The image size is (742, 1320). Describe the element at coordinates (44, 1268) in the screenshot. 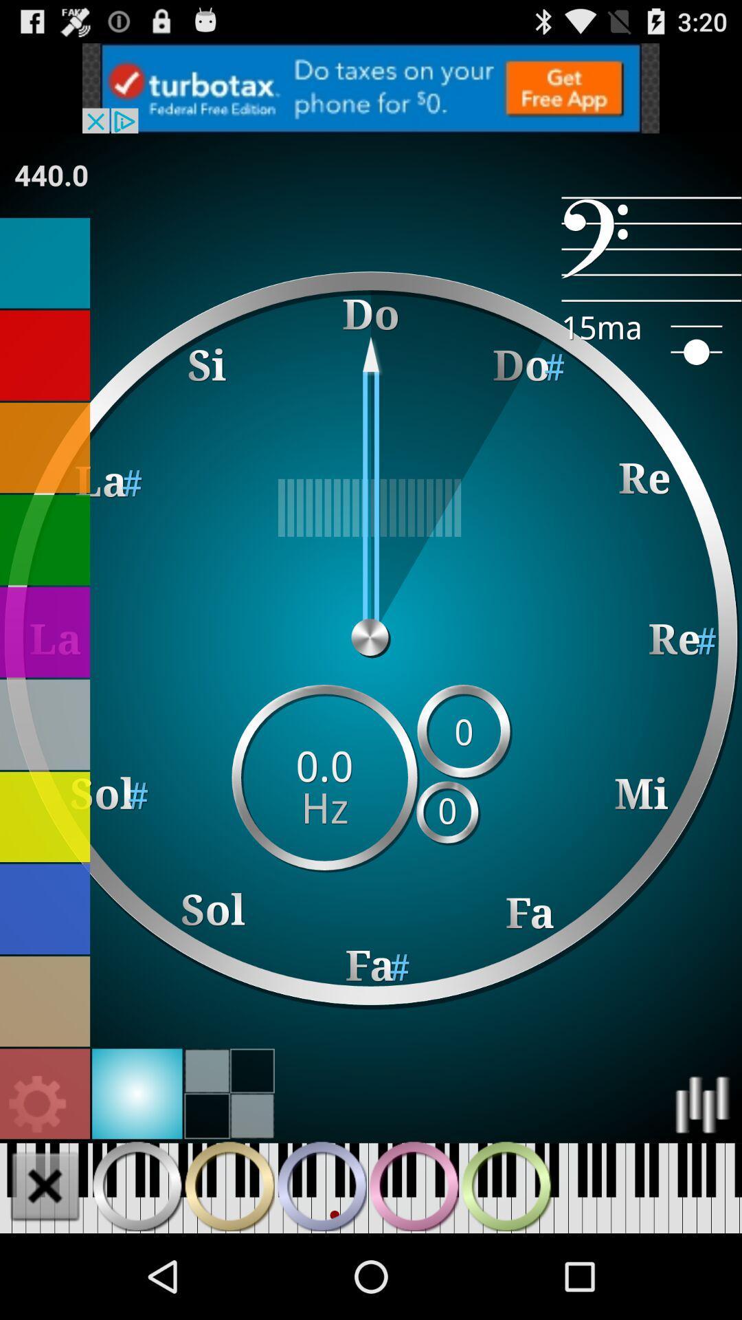

I see `the close icon` at that location.